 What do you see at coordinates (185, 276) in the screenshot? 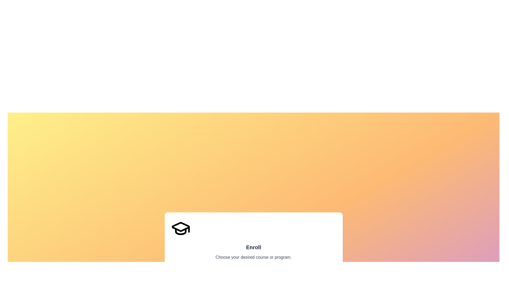
I see `the Previous button to navigate to the Previous step` at bounding box center [185, 276].